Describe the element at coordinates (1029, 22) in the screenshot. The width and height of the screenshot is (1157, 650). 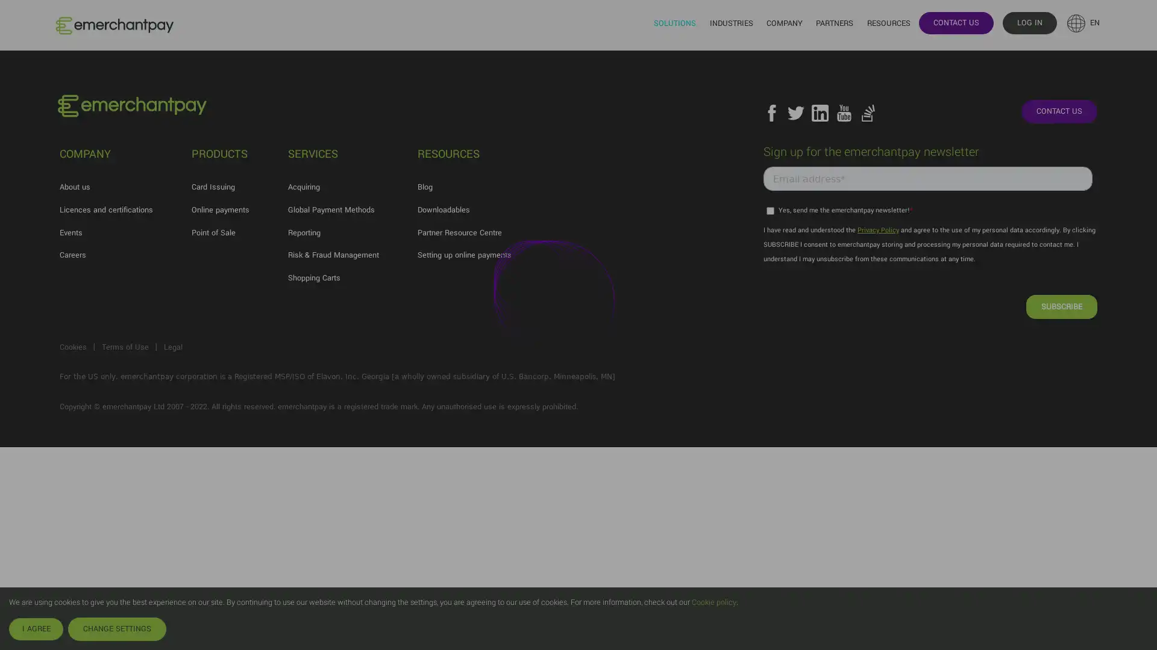
I see `LOG IN` at that location.